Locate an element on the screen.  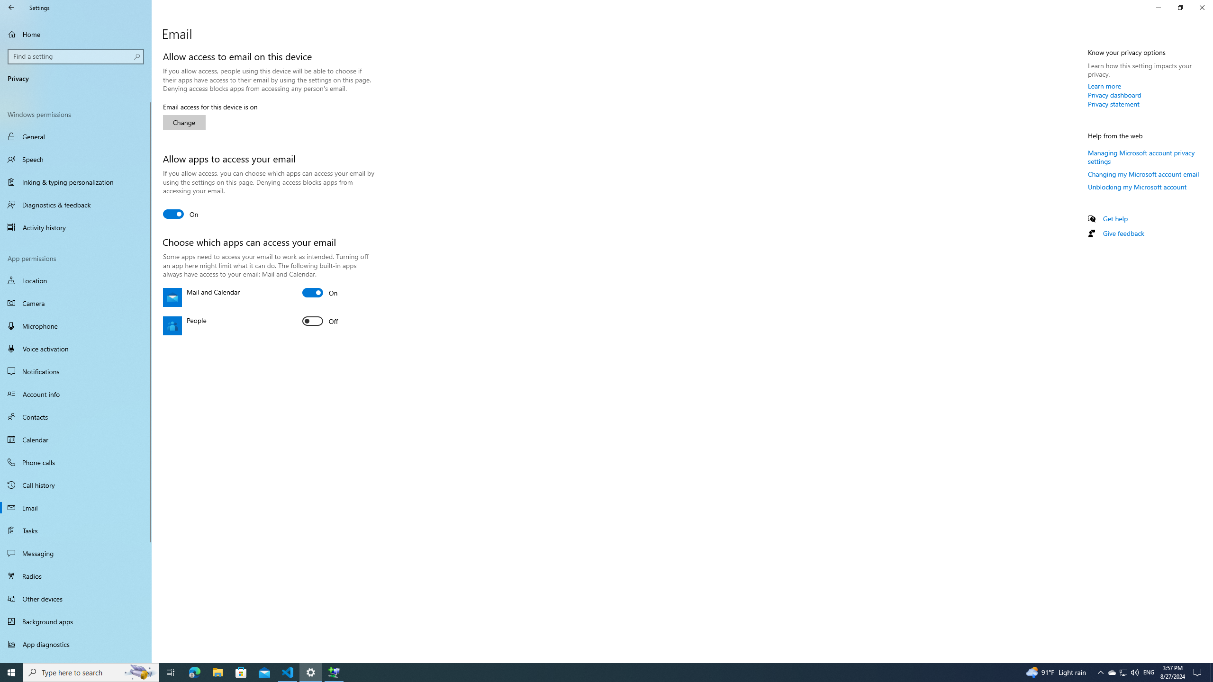
'Search box, Find a setting' is located at coordinates (76, 56).